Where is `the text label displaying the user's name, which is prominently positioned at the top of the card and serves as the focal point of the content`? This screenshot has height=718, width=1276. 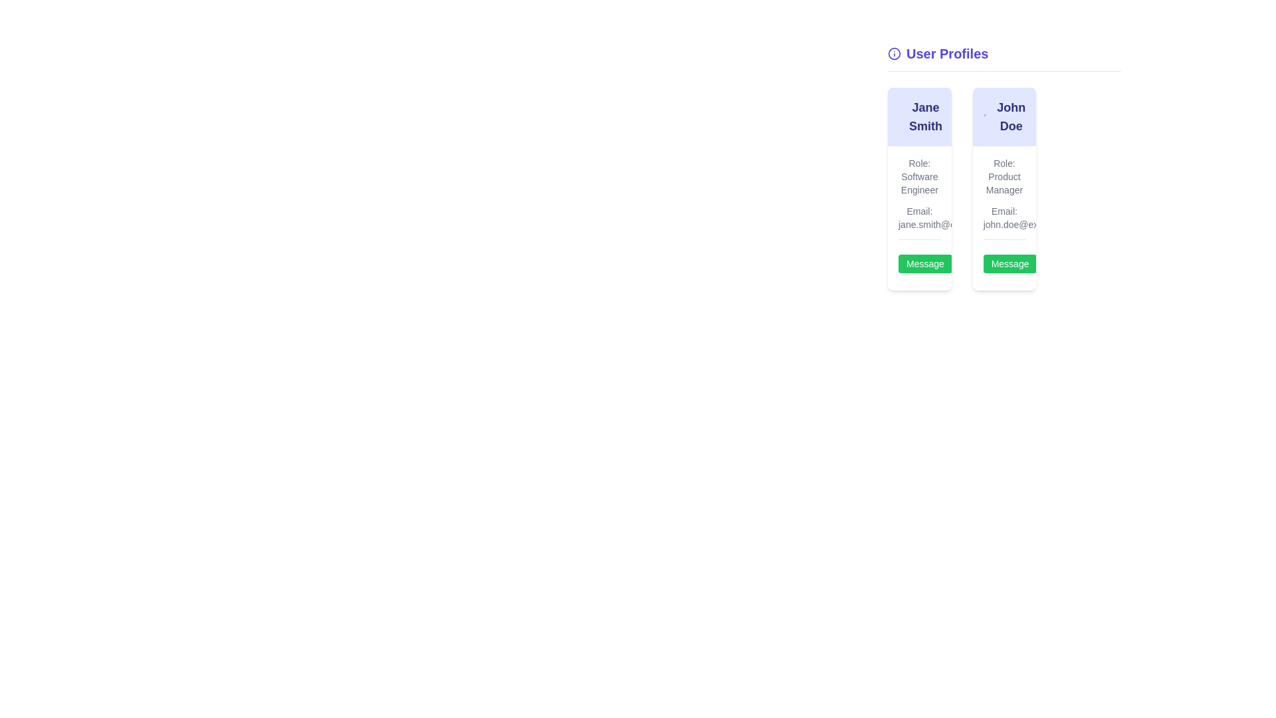
the text label displaying the user's name, which is prominently positioned at the top of the card and serves as the focal point of the content is located at coordinates (924, 116).